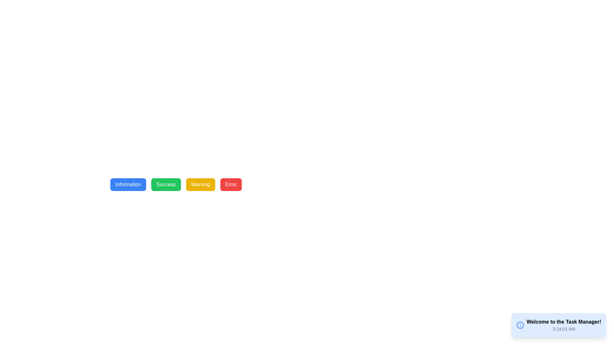 The width and height of the screenshot is (614, 345). What do you see at coordinates (176, 185) in the screenshot?
I see `the 'Success' button, which has a green background and white text, to observe its hover effect` at bounding box center [176, 185].